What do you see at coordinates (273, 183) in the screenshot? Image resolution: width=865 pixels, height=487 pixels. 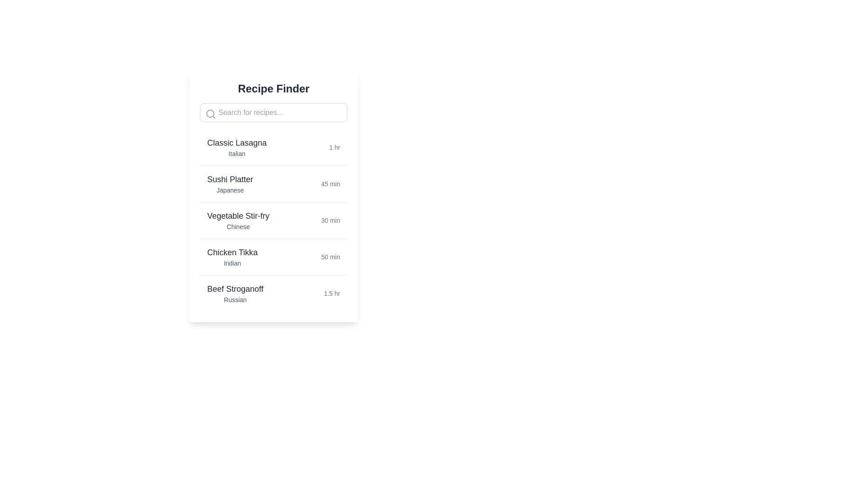 I see `the selectable menu item for 'Sushi Platter'` at bounding box center [273, 183].